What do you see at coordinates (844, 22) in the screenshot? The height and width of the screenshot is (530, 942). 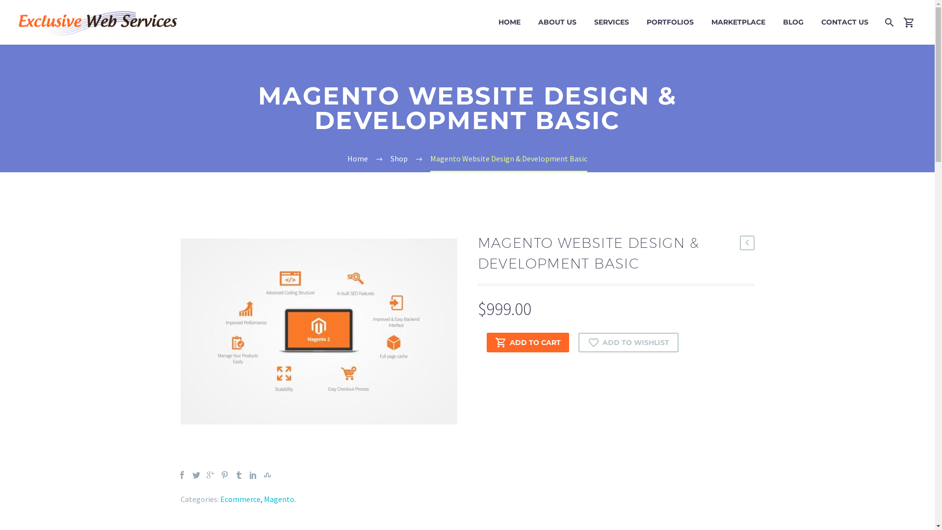 I see `'CONTACT US'` at bounding box center [844, 22].